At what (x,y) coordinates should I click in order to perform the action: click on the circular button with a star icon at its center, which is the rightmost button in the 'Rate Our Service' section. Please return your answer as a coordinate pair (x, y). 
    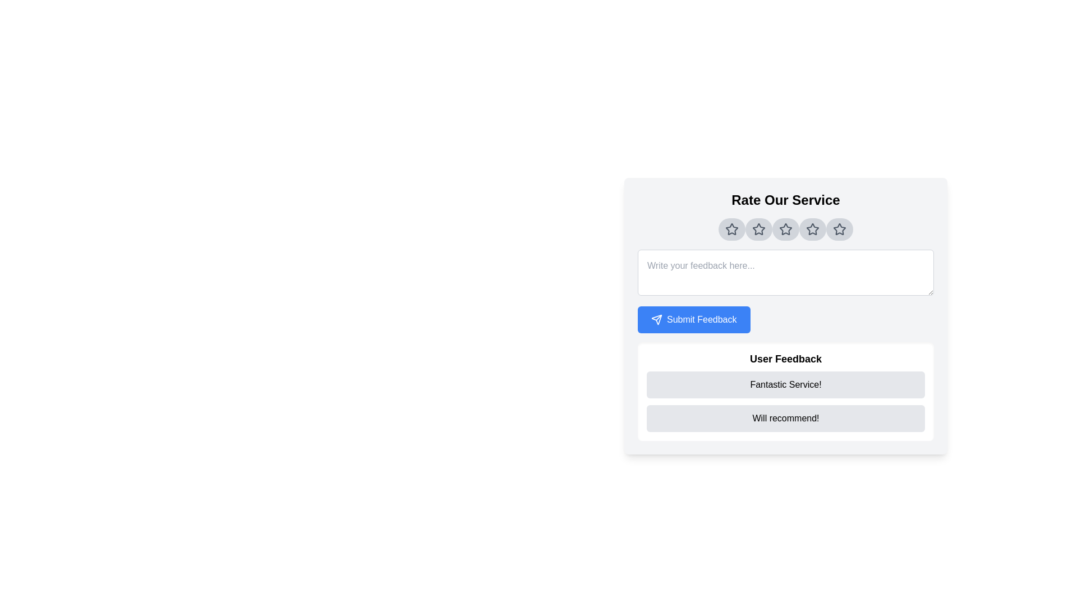
    Looking at the image, I should click on (840, 228).